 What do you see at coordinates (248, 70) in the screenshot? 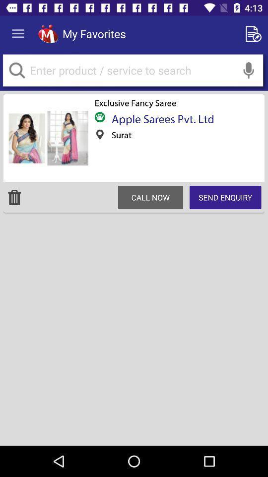
I see `the voice search icon` at bounding box center [248, 70].